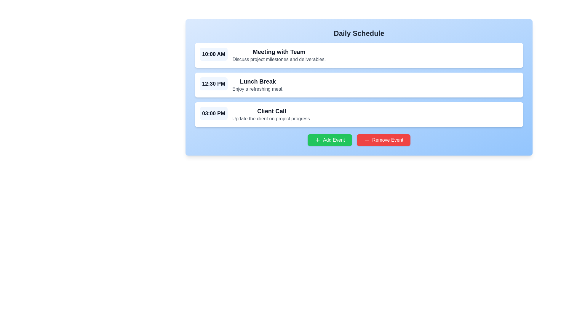 This screenshot has width=569, height=320. Describe the element at coordinates (317, 140) in the screenshot. I see `the icon inside the green 'Add Event' button` at that location.